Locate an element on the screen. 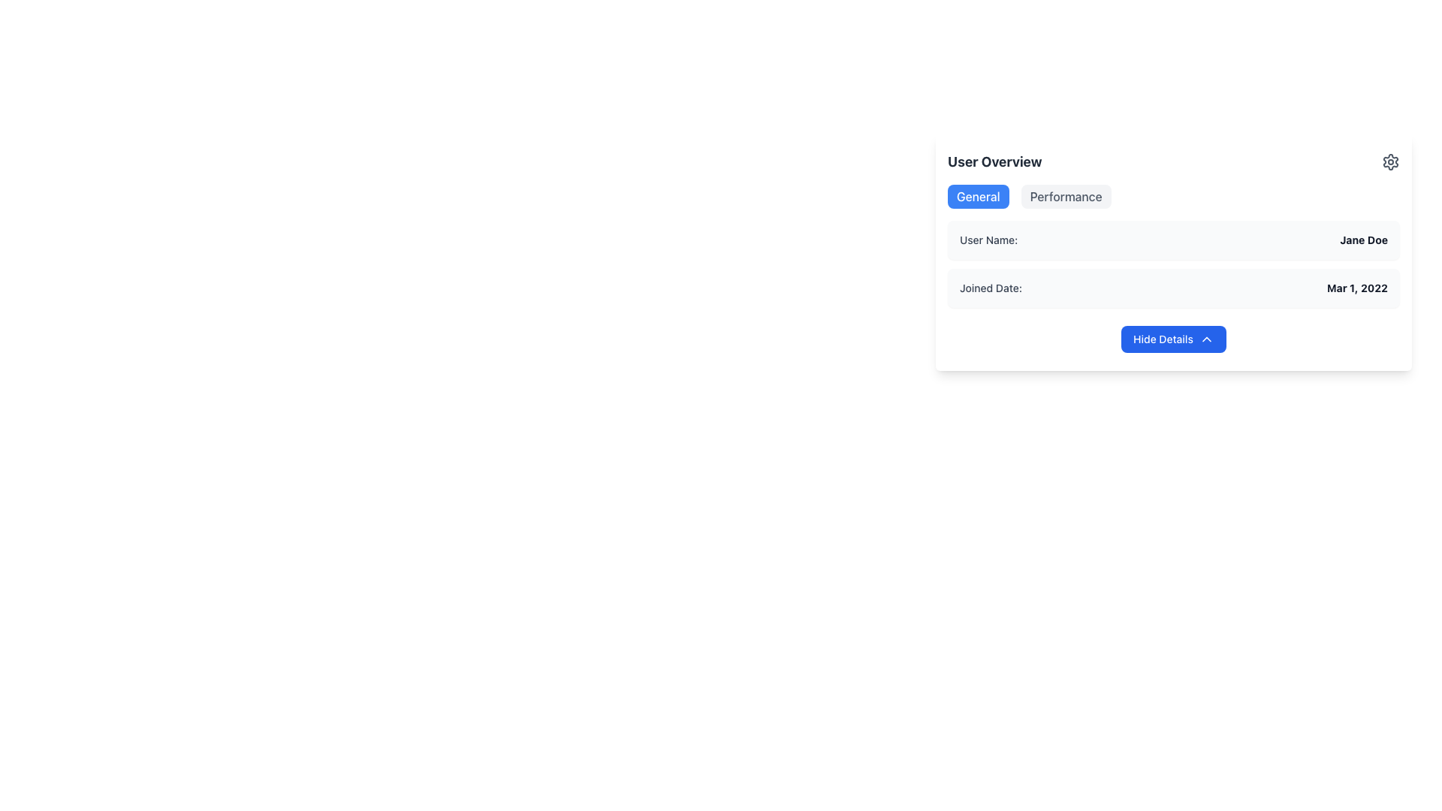 This screenshot has width=1442, height=811. the Text Display that shows the user's name, located to the right of the 'User Name:' heading in the upper part of the interface is located at coordinates (1364, 240).